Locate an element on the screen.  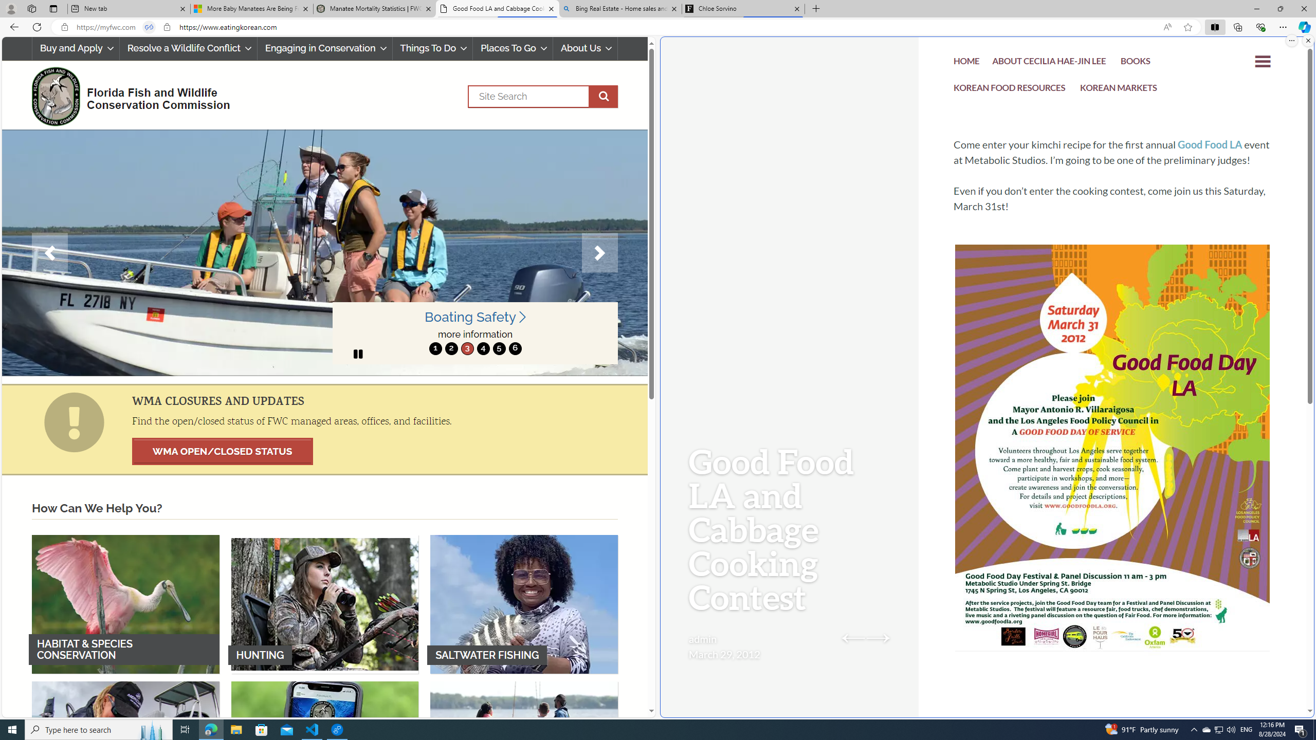
'KOREAN FOOD RESOURCES' is located at coordinates (1010, 90).